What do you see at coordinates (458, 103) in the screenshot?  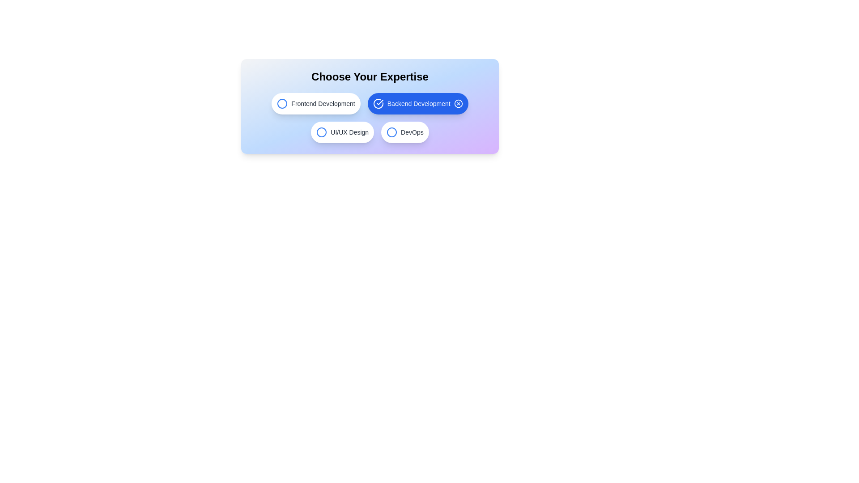 I see `the 'X' icon associated with the selected category to remove the selection` at bounding box center [458, 103].